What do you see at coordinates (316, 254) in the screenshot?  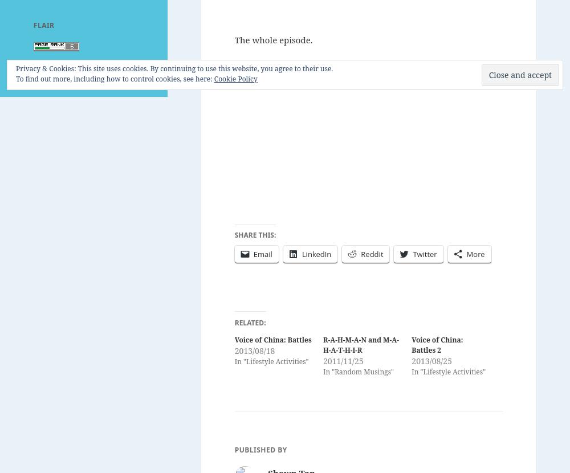 I see `'LinkedIn'` at bounding box center [316, 254].